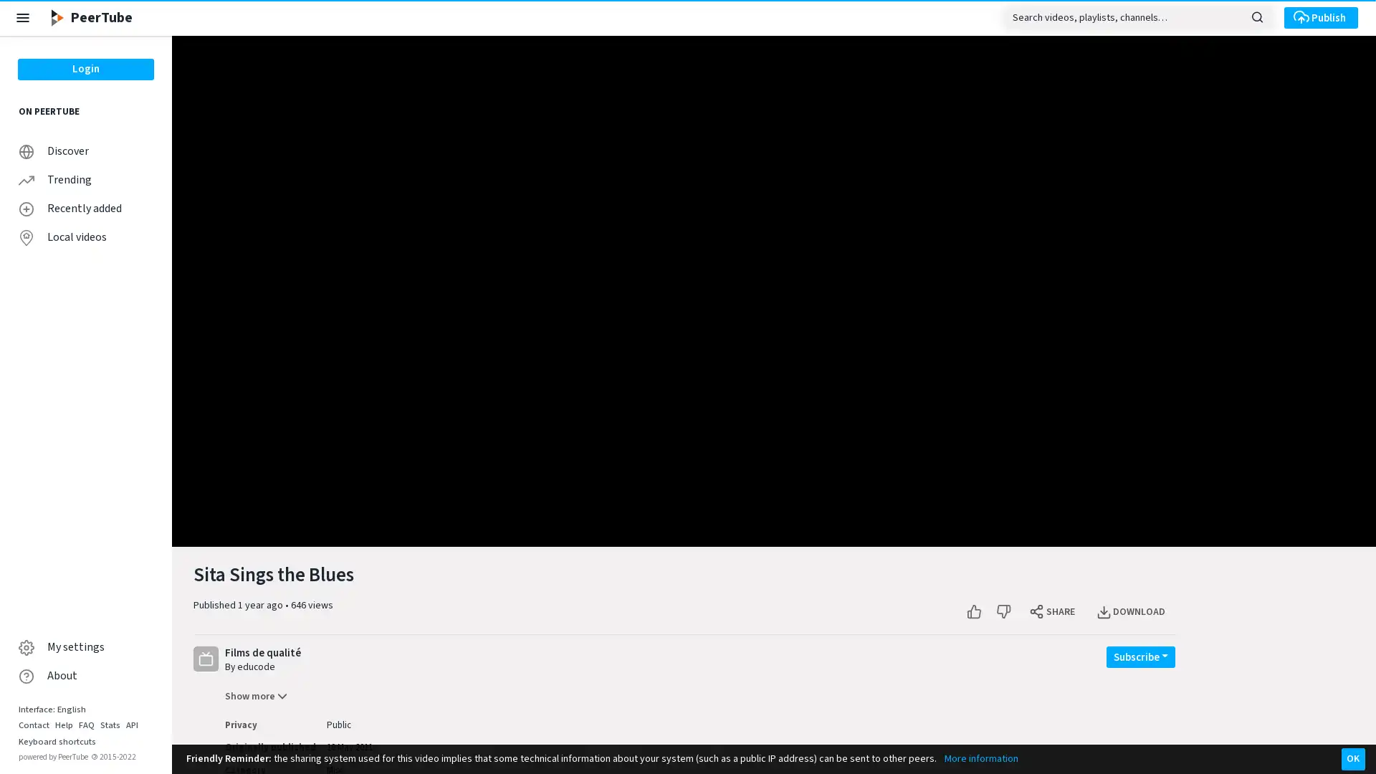 The width and height of the screenshot is (1376, 774). I want to click on SHARE, so click(1053, 611).